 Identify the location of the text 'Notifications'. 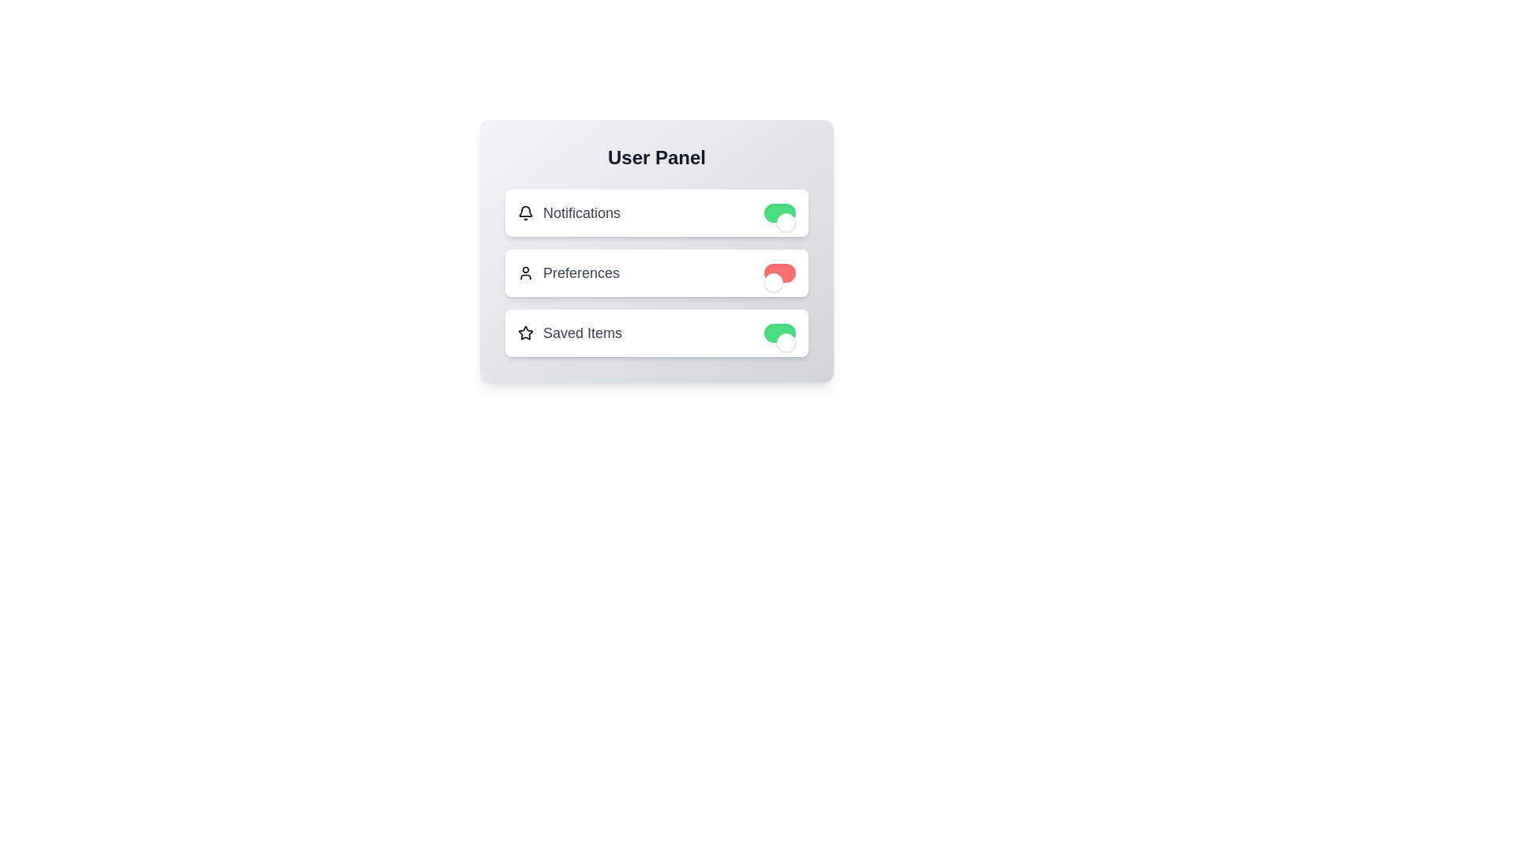
(568, 213).